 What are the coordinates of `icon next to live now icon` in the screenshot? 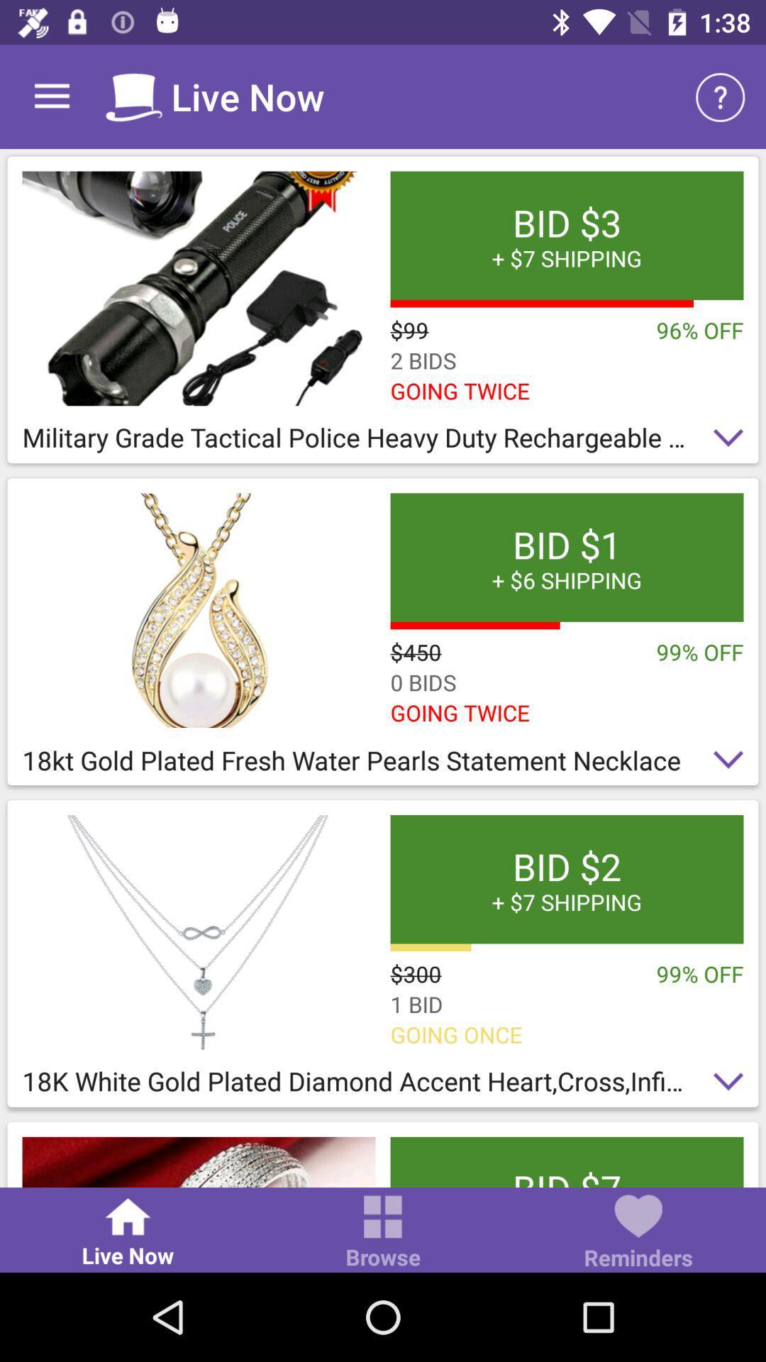 It's located at (721, 96).